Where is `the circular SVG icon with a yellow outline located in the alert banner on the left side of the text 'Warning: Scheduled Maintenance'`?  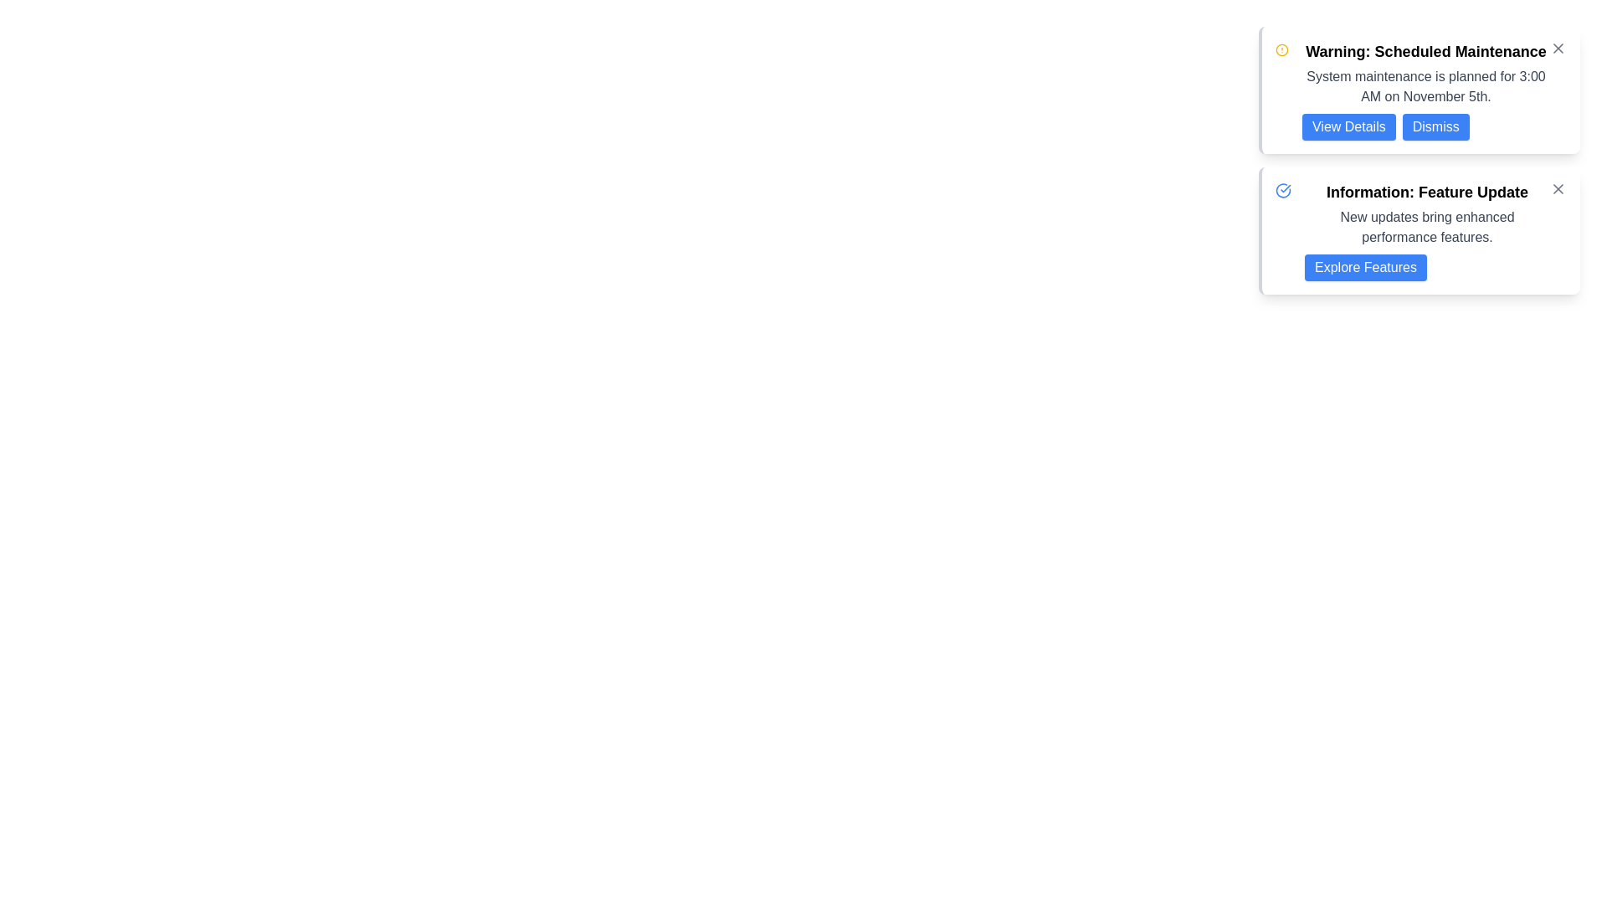
the circular SVG icon with a yellow outline located in the alert banner on the left side of the text 'Warning: Scheduled Maintenance' is located at coordinates (1281, 49).